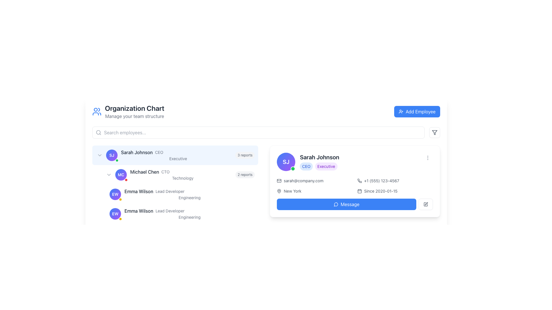 The height and width of the screenshot is (310, 552). Describe the element at coordinates (179, 194) in the screenshot. I see `the first list item representing 'Emma Wilson', a direct report to the CTO` at that location.